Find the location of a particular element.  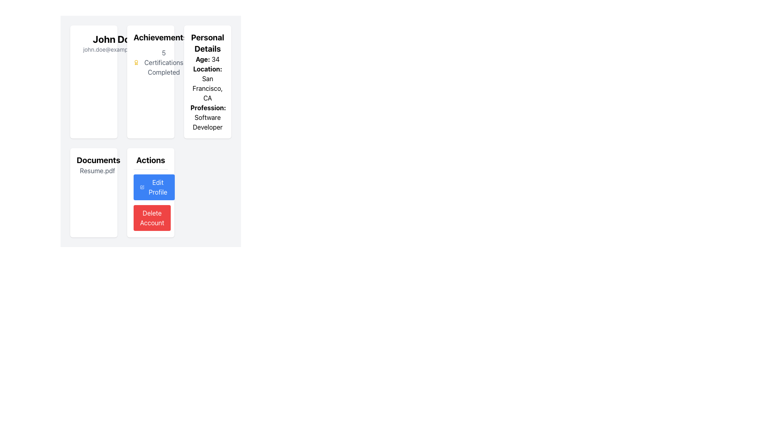

the first button in the 'Actions' section to initiate profile editing is located at coordinates (154, 187).